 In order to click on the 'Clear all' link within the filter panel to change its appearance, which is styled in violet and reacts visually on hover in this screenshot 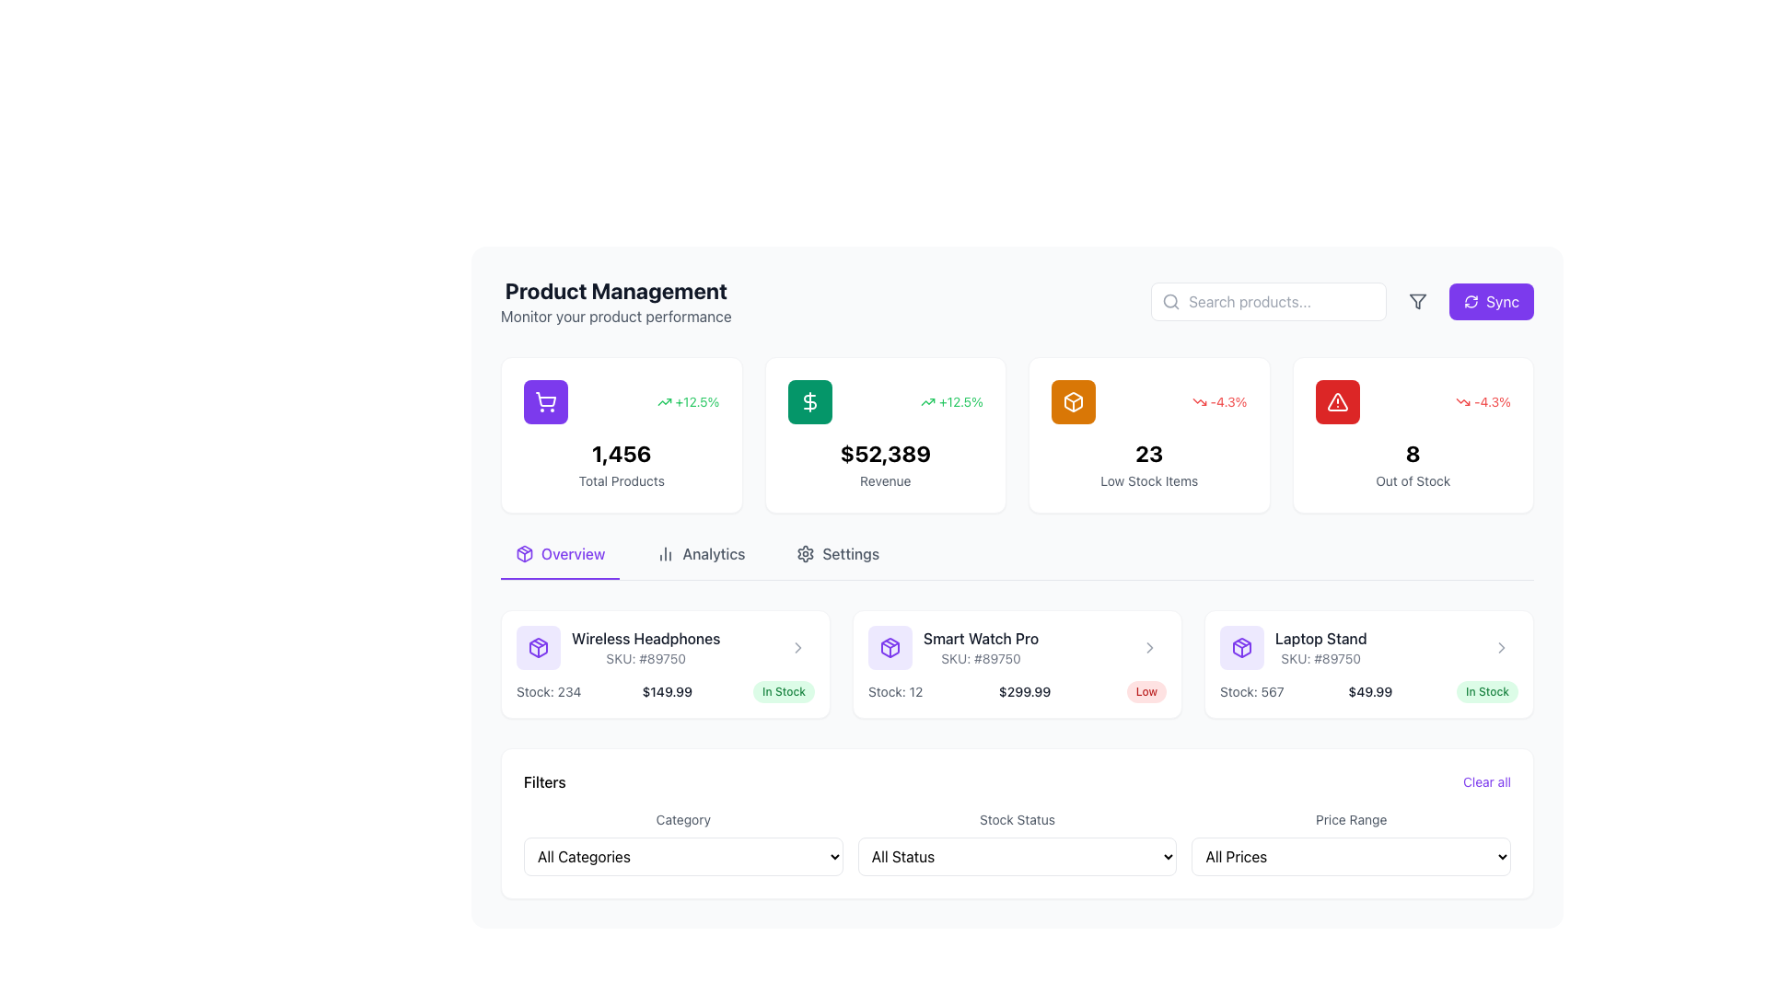, I will do `click(1016, 781)`.